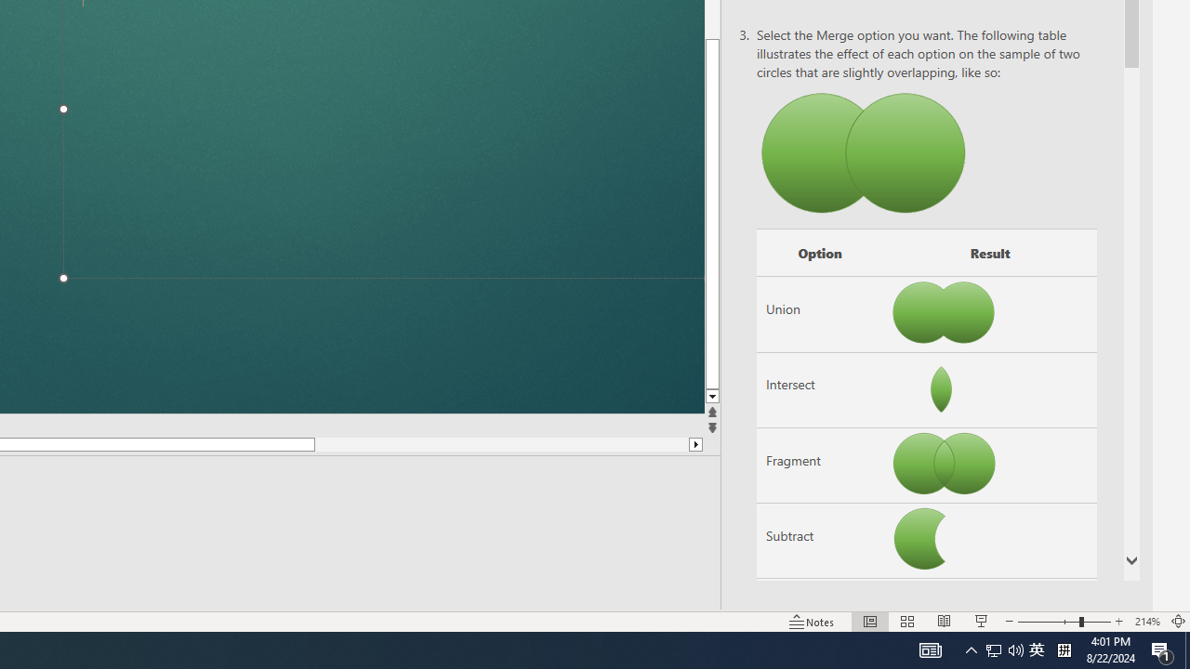  I want to click on 'Slide Show', so click(981, 622).